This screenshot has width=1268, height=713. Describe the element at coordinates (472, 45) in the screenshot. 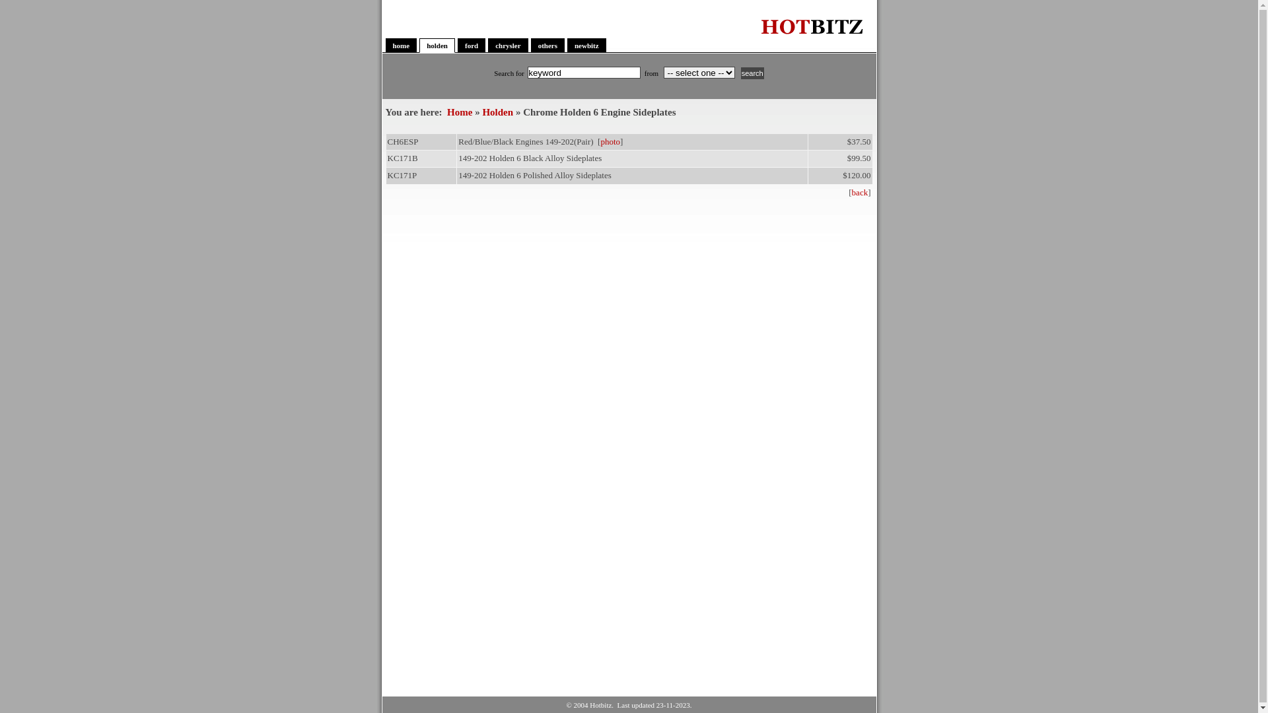

I see `'ford'` at that location.